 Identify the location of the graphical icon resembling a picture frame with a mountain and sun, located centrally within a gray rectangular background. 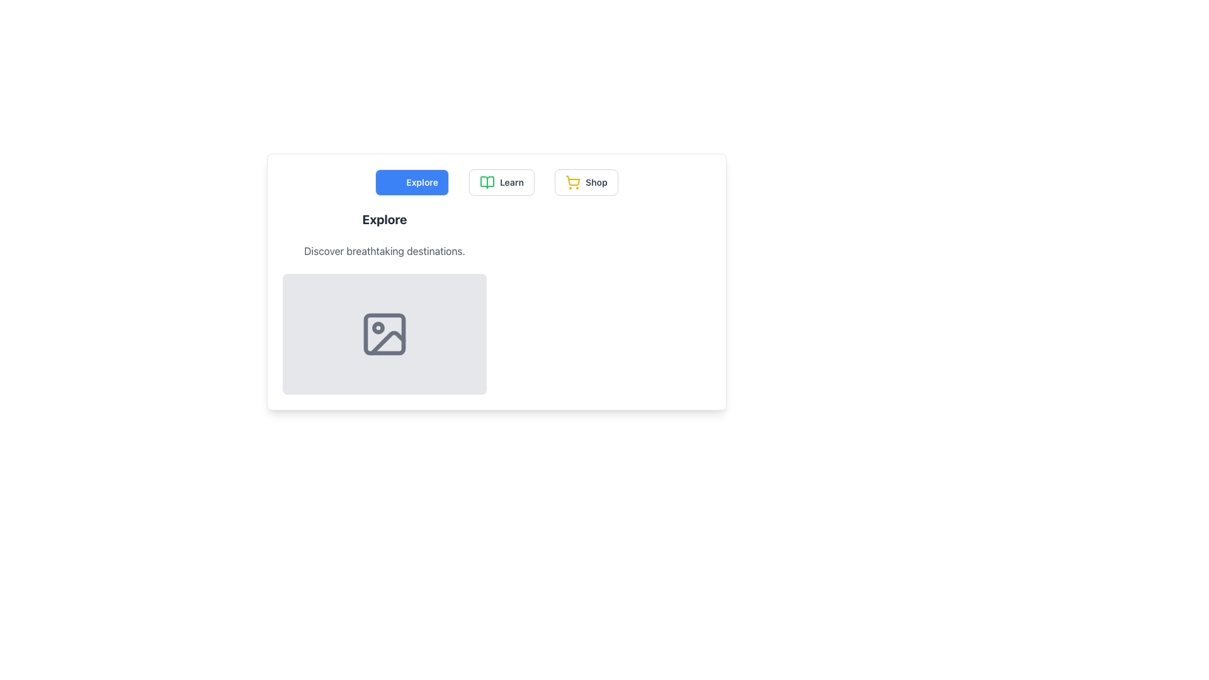
(383, 334).